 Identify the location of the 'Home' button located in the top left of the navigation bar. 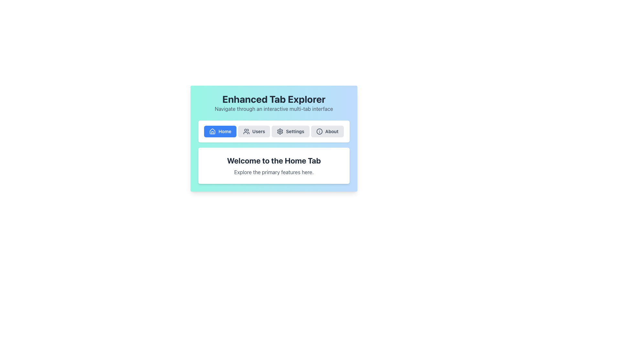
(220, 131).